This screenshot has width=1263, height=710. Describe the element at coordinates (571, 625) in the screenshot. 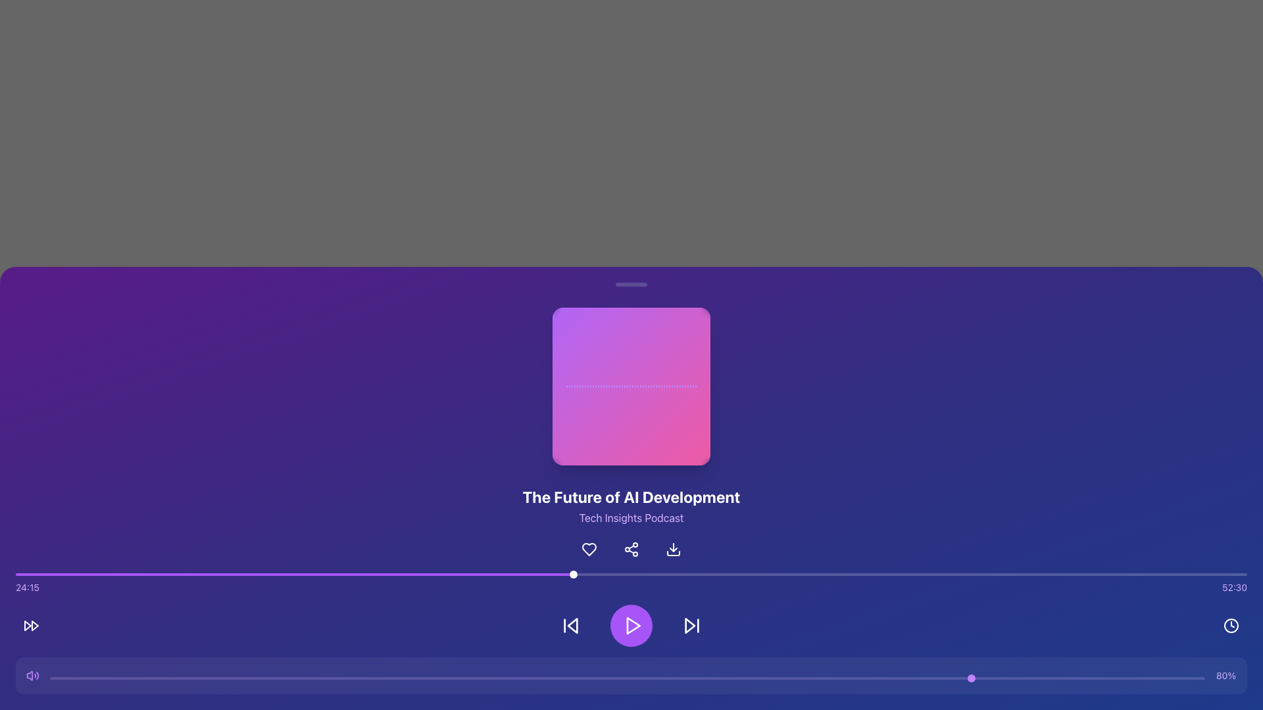

I see `the skip backward button located to the left of the central play button in the row of control elements to skip backward in the playback timeline` at that location.